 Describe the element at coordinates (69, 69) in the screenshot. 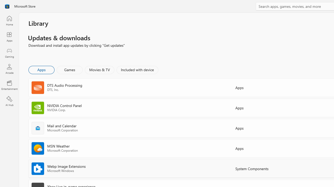

I see `'Games'` at that location.